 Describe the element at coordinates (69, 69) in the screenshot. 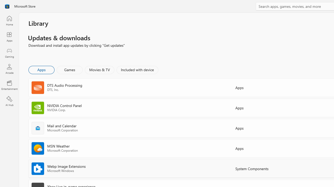

I see `'Games'` at that location.